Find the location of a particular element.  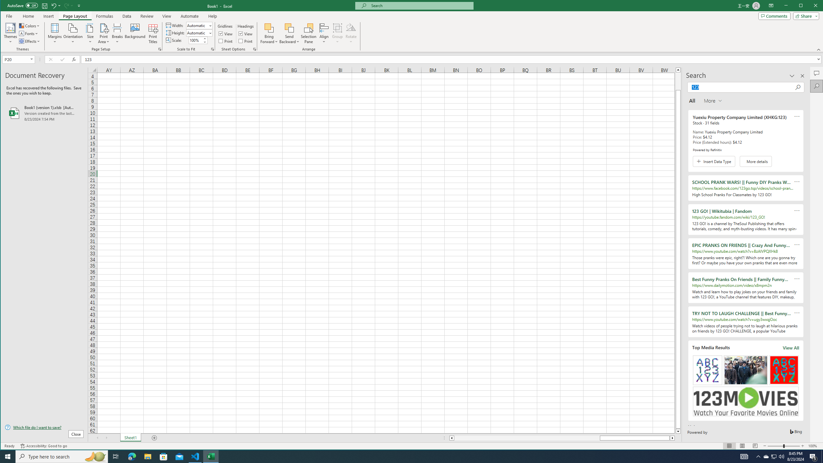

'Close pane' is located at coordinates (802, 76).